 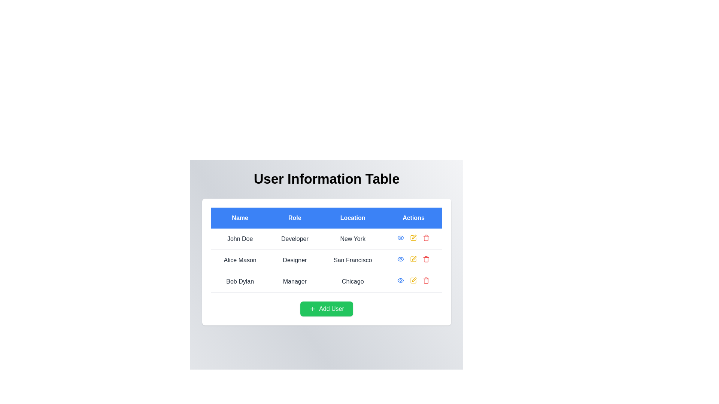 I want to click on the unique button located below the user information table to trigger its hover state, so click(x=327, y=309).